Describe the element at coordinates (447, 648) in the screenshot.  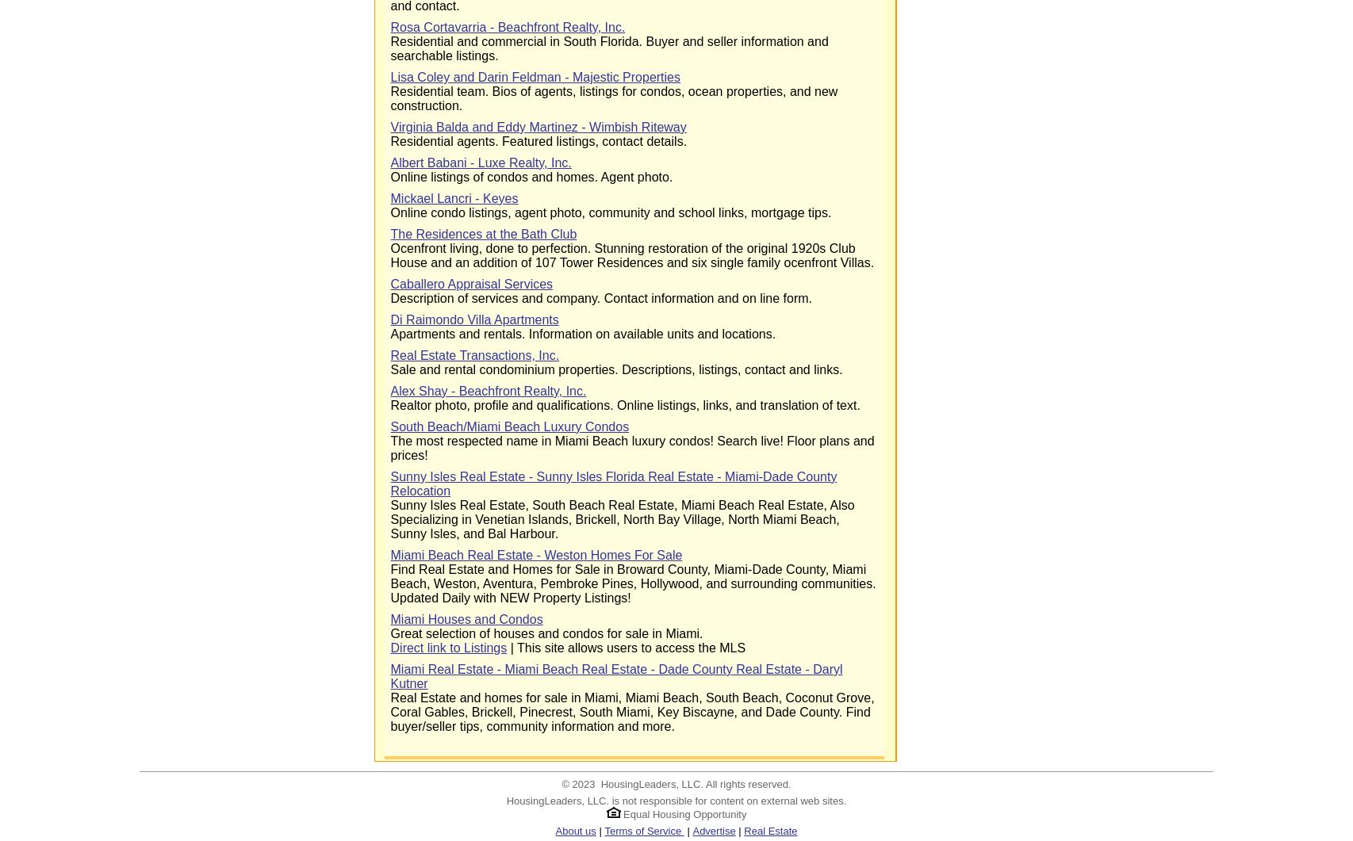
I see `'Direct link to Listings'` at that location.